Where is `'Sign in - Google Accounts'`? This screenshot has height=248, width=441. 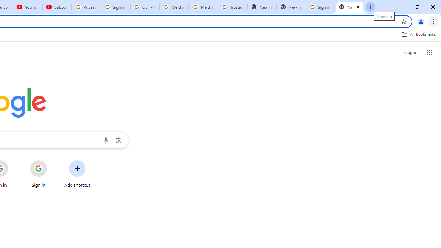
'Sign in - Google Accounts' is located at coordinates (320, 7).